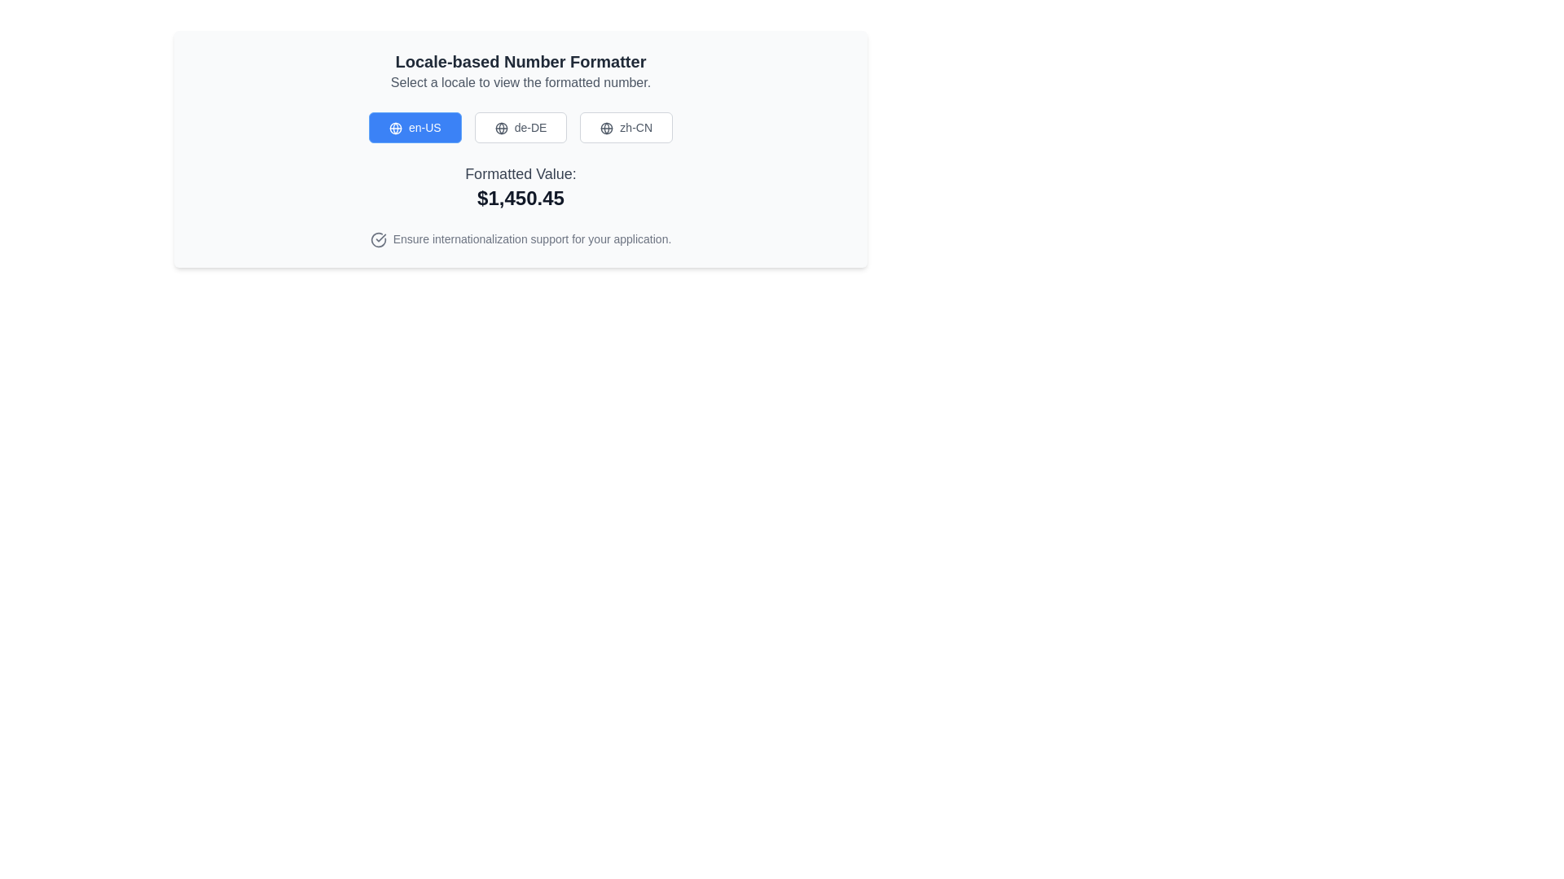  I want to click on the first button labeled 'en-US', so click(415, 127).